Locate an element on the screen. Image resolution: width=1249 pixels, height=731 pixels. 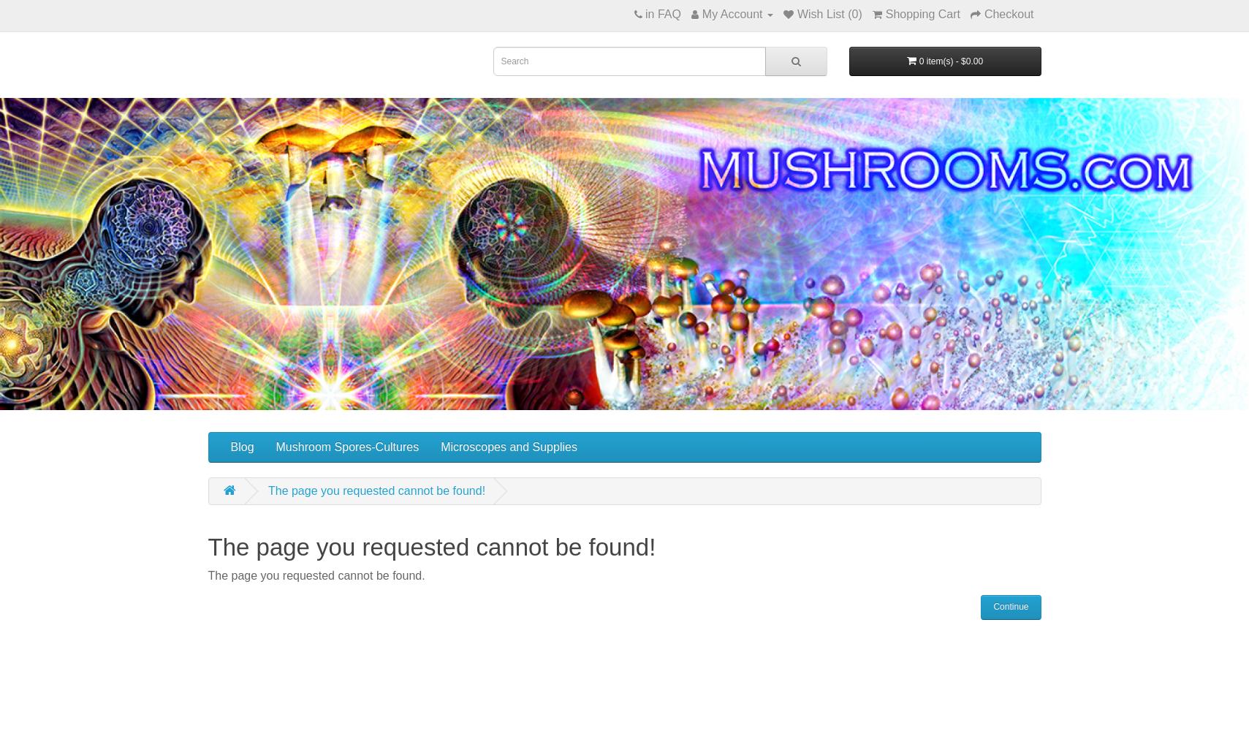
'0 item(s) - $0.00' is located at coordinates (951, 61).